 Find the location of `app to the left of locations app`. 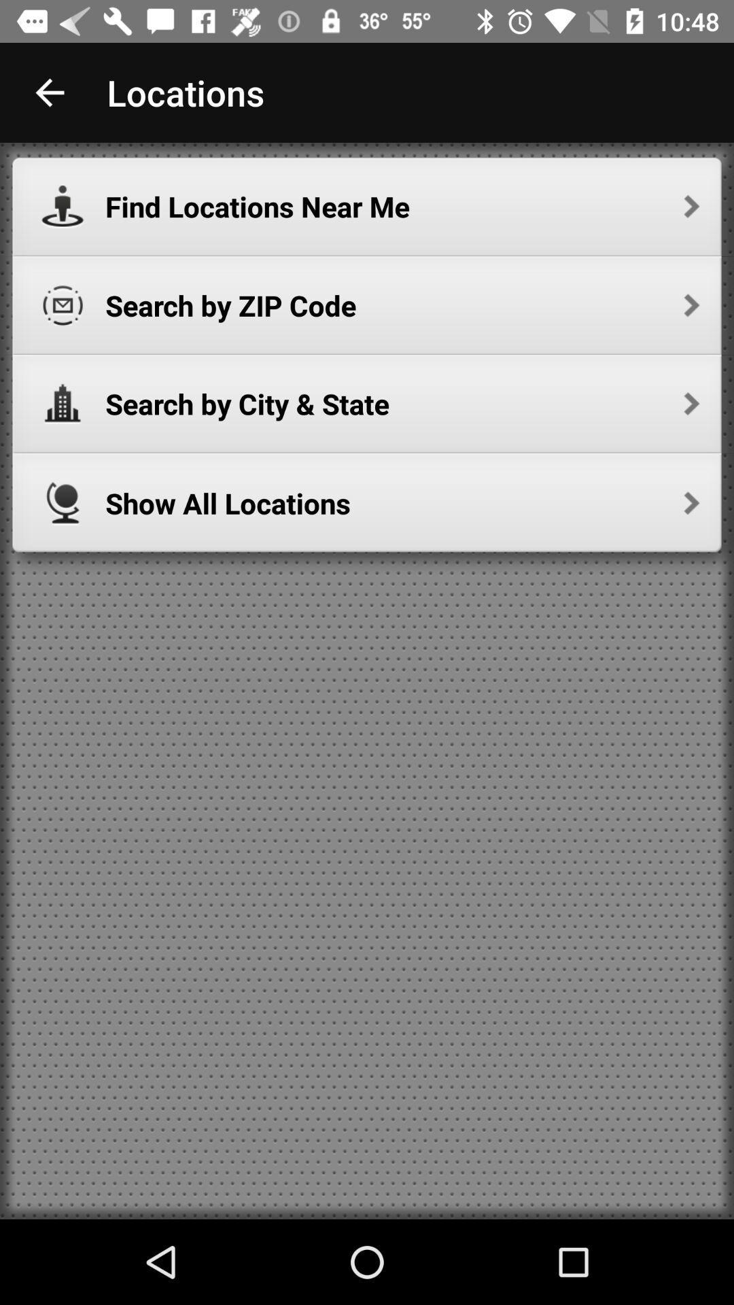

app to the left of locations app is located at coordinates (49, 92).